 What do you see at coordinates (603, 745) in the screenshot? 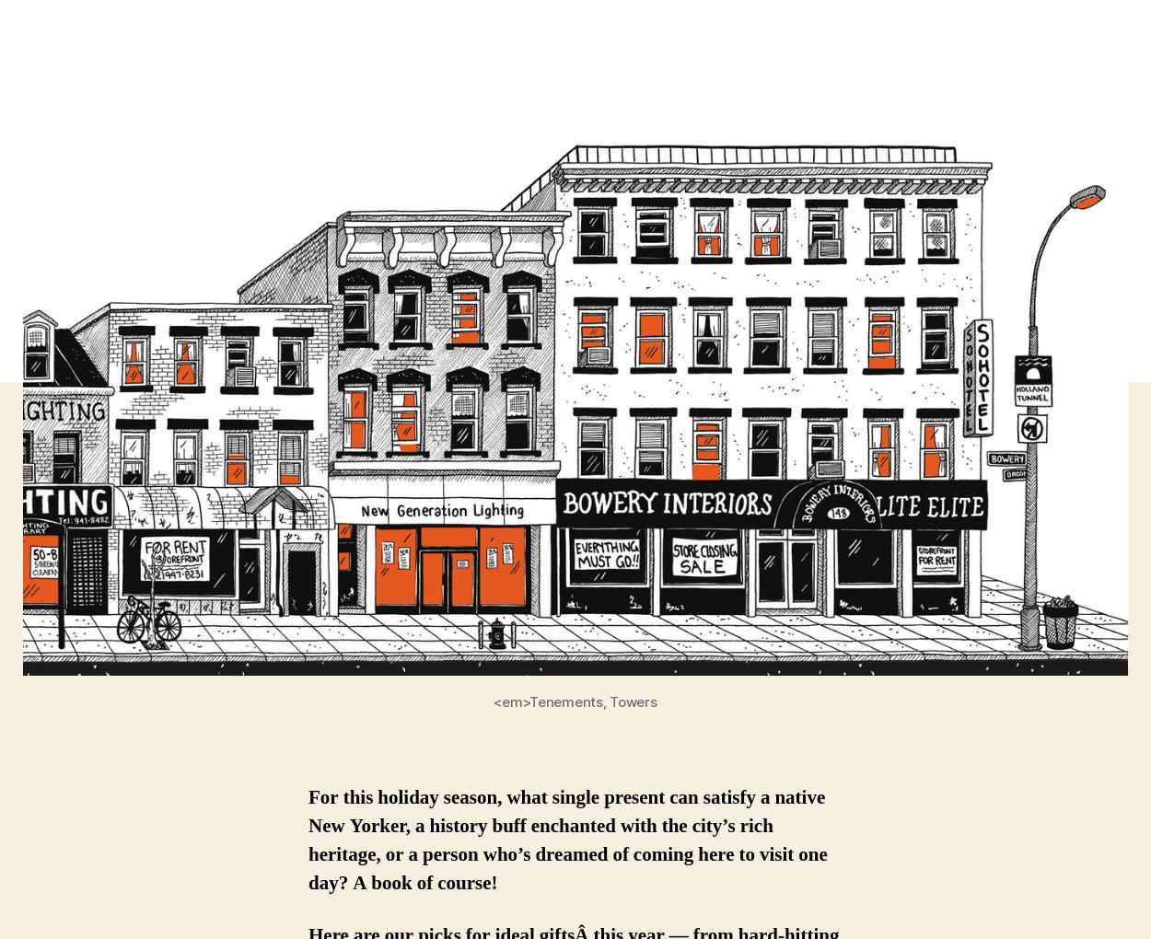
I see `'Find out how you can'` at bounding box center [603, 745].